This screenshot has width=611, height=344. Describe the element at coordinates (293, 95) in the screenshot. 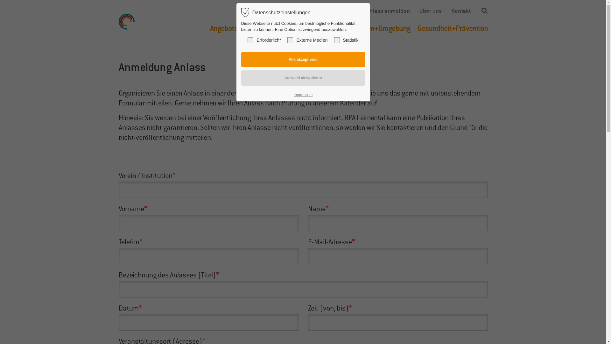

I see `'Impressum'` at that location.